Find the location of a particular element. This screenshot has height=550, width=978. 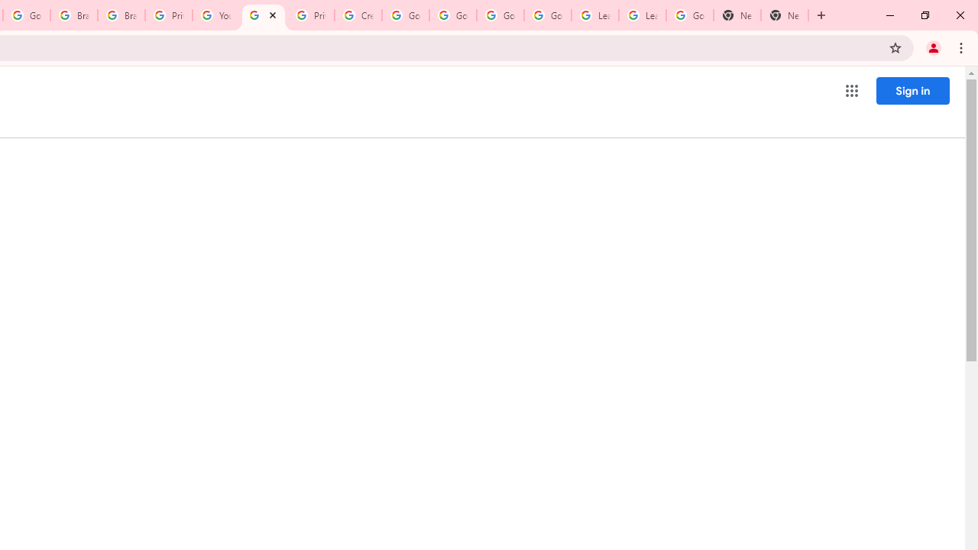

'Brand Resource Center' is located at coordinates (73, 15).